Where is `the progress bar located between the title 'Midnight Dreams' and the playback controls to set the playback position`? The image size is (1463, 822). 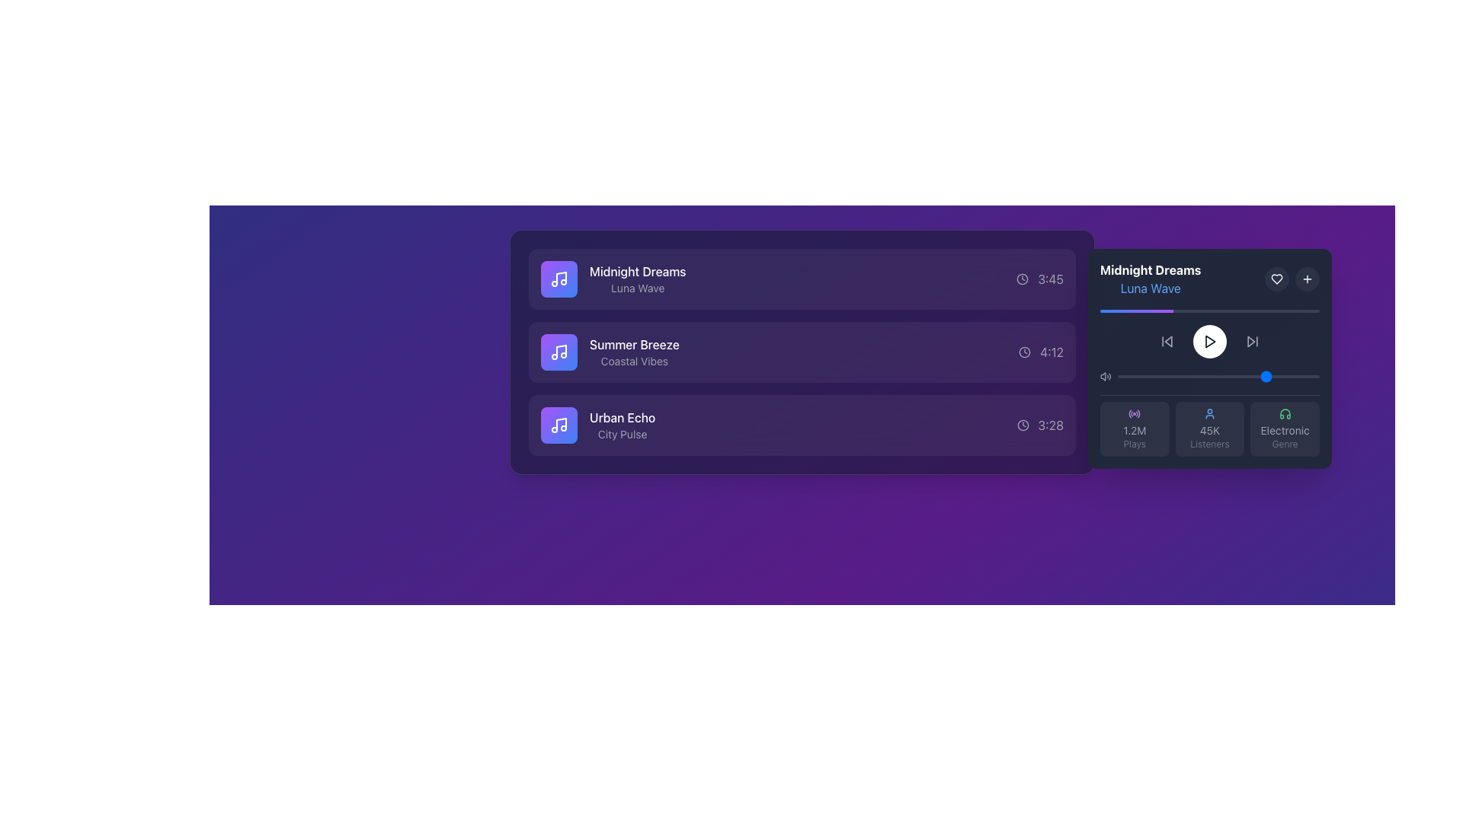
the progress bar located between the title 'Midnight Dreams' and the playback controls to set the playback position is located at coordinates (1209, 310).